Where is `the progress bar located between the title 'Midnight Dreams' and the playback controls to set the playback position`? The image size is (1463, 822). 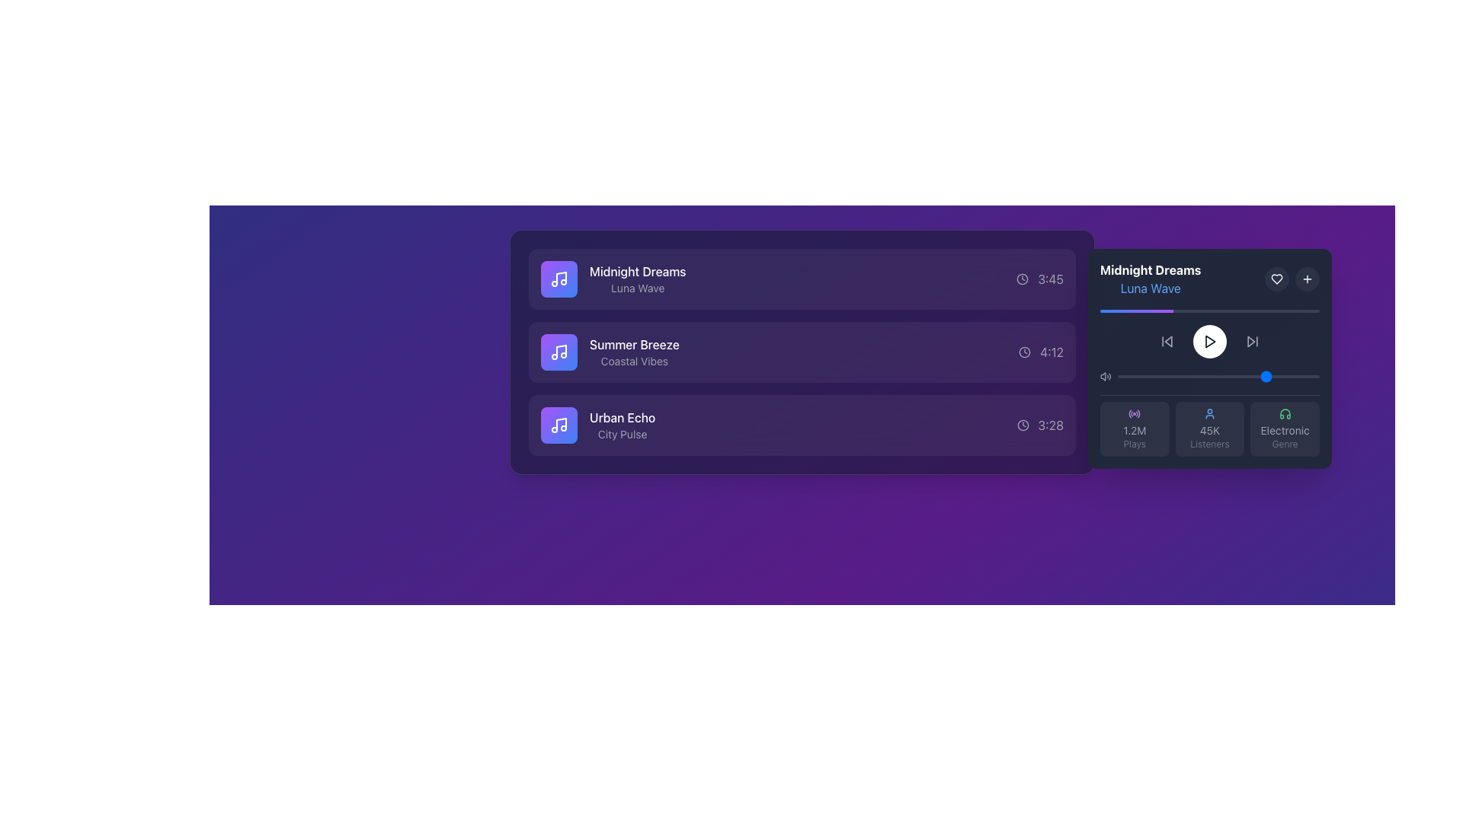
the progress bar located between the title 'Midnight Dreams' and the playback controls to set the playback position is located at coordinates (1209, 310).